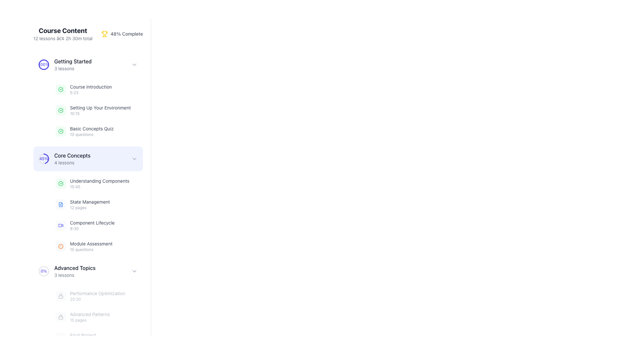 Image resolution: width=628 pixels, height=353 pixels. Describe the element at coordinates (97, 293) in the screenshot. I see `the static text label presenting the title 'Performance Optimization' located in the 'Advanced Topics' section, positioned above the duration text '20:30'` at that location.